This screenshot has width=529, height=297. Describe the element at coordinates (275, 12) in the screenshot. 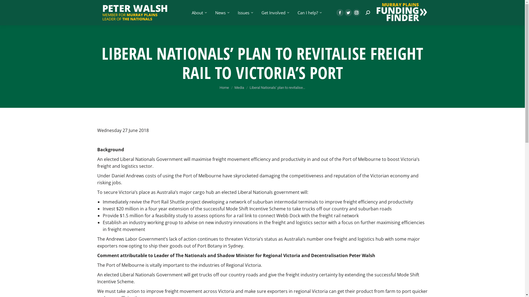

I see `'Get Involved'` at that location.